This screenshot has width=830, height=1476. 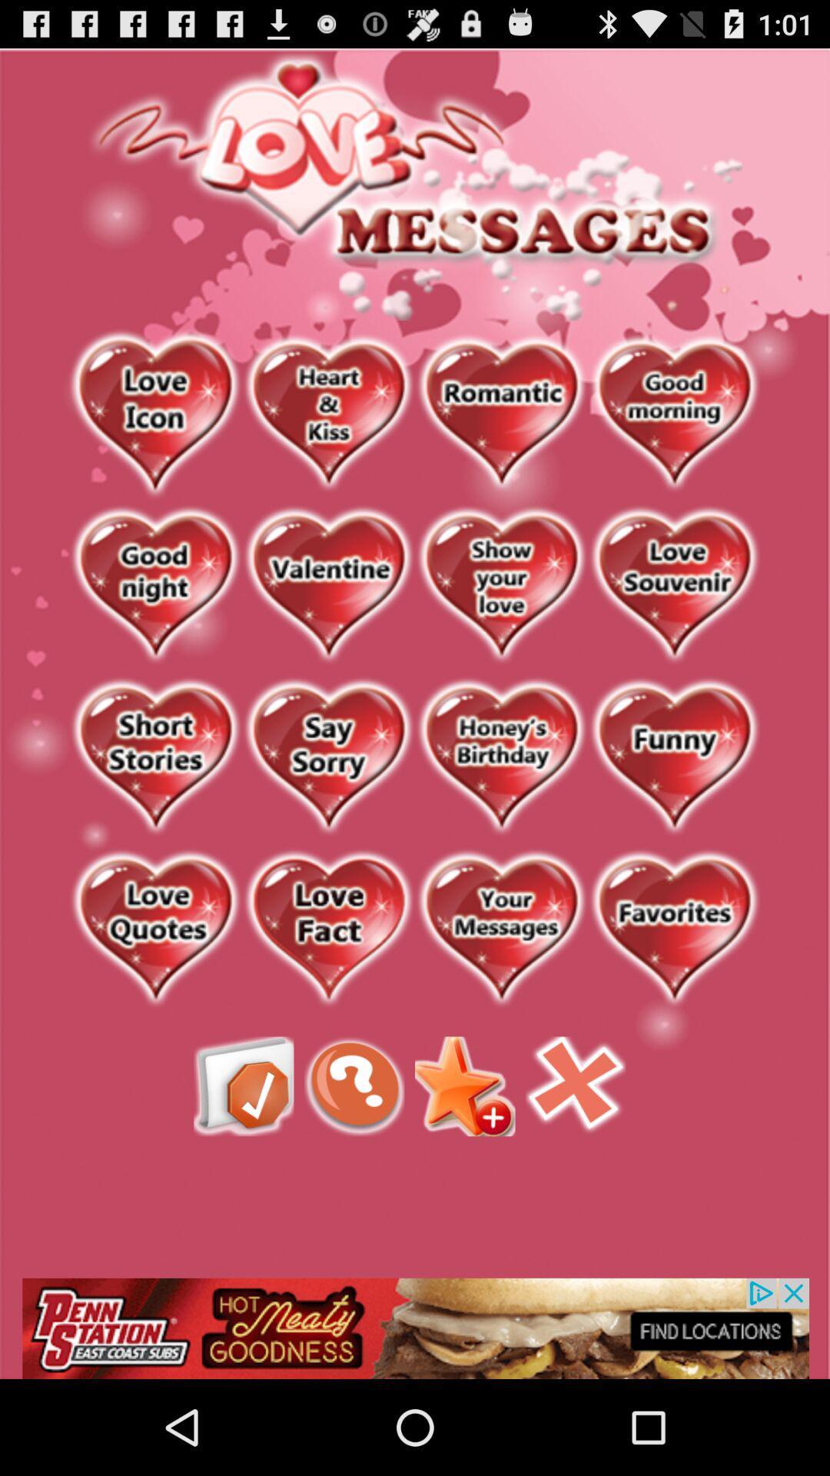 What do you see at coordinates (576, 1085) in the screenshot?
I see `exit` at bounding box center [576, 1085].